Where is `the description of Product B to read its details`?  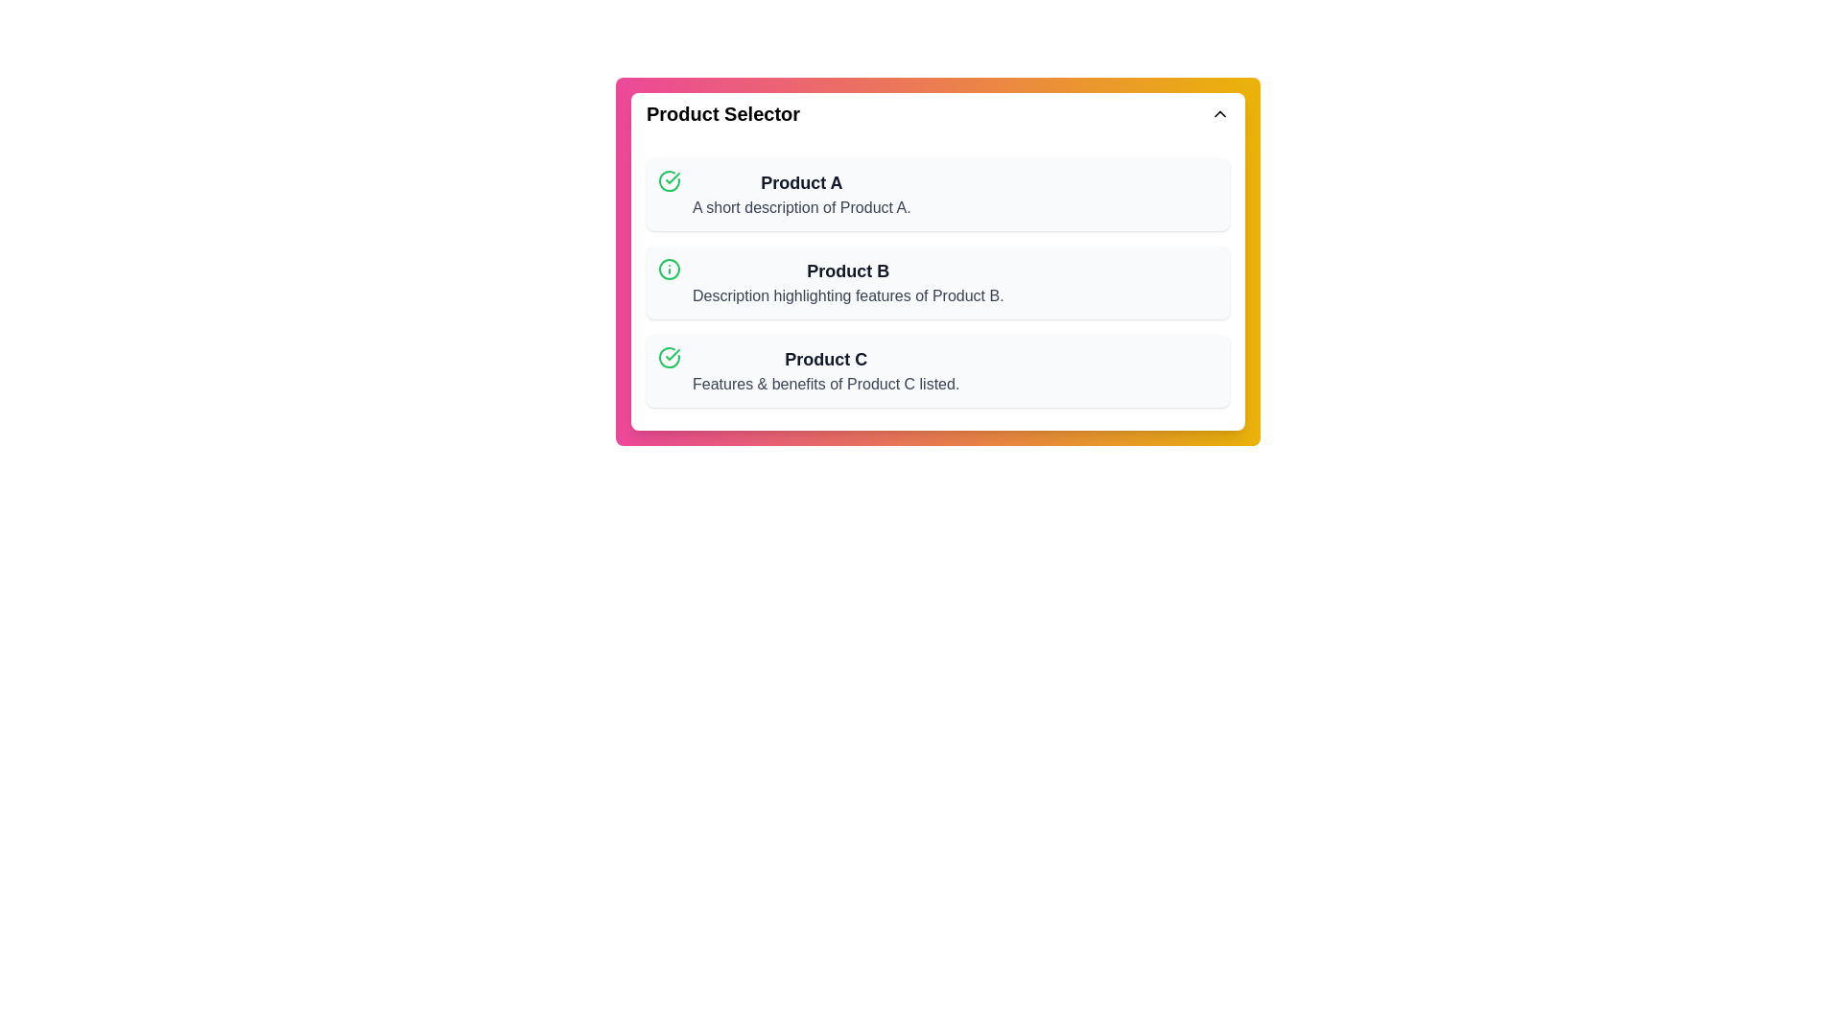
the description of Product B to read its details is located at coordinates (846, 282).